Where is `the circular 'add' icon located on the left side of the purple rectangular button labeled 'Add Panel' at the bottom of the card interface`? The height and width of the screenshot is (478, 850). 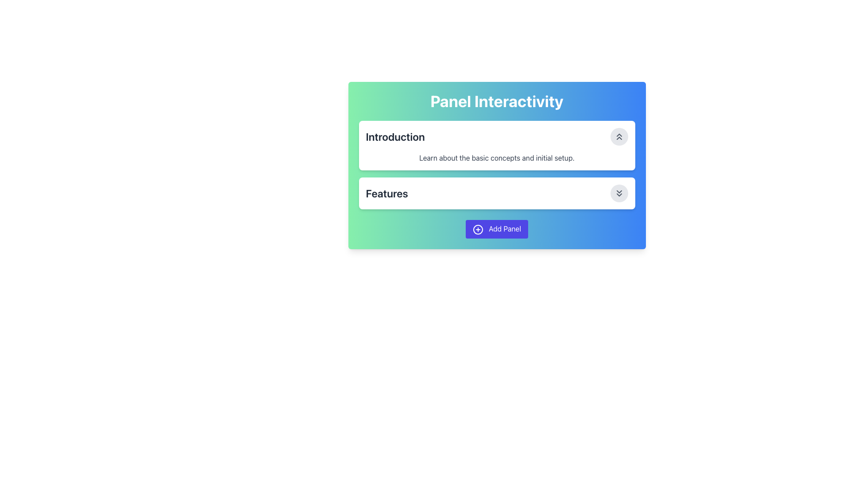 the circular 'add' icon located on the left side of the purple rectangular button labeled 'Add Panel' at the bottom of the card interface is located at coordinates (478, 229).